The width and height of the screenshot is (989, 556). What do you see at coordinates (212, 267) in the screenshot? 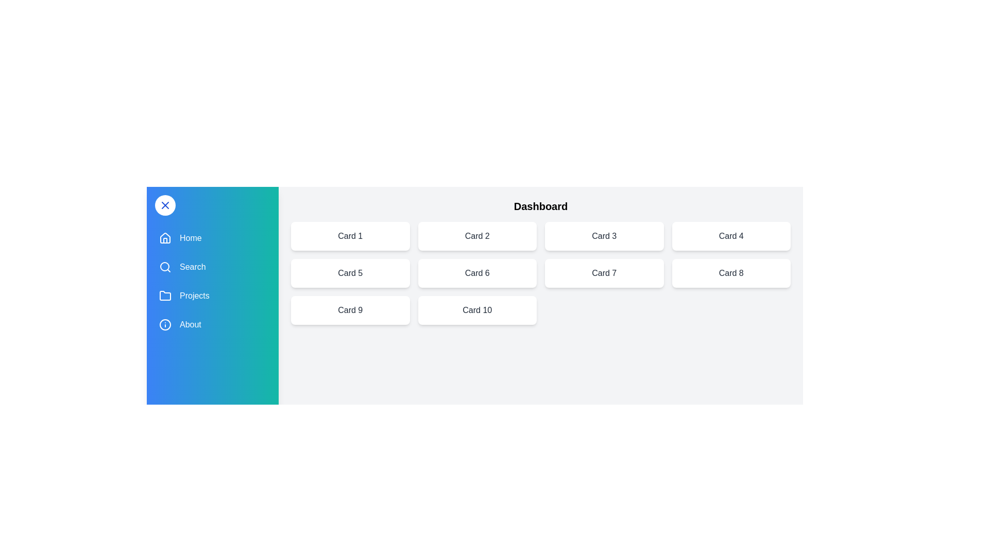
I see `the menu item labeled Search` at bounding box center [212, 267].